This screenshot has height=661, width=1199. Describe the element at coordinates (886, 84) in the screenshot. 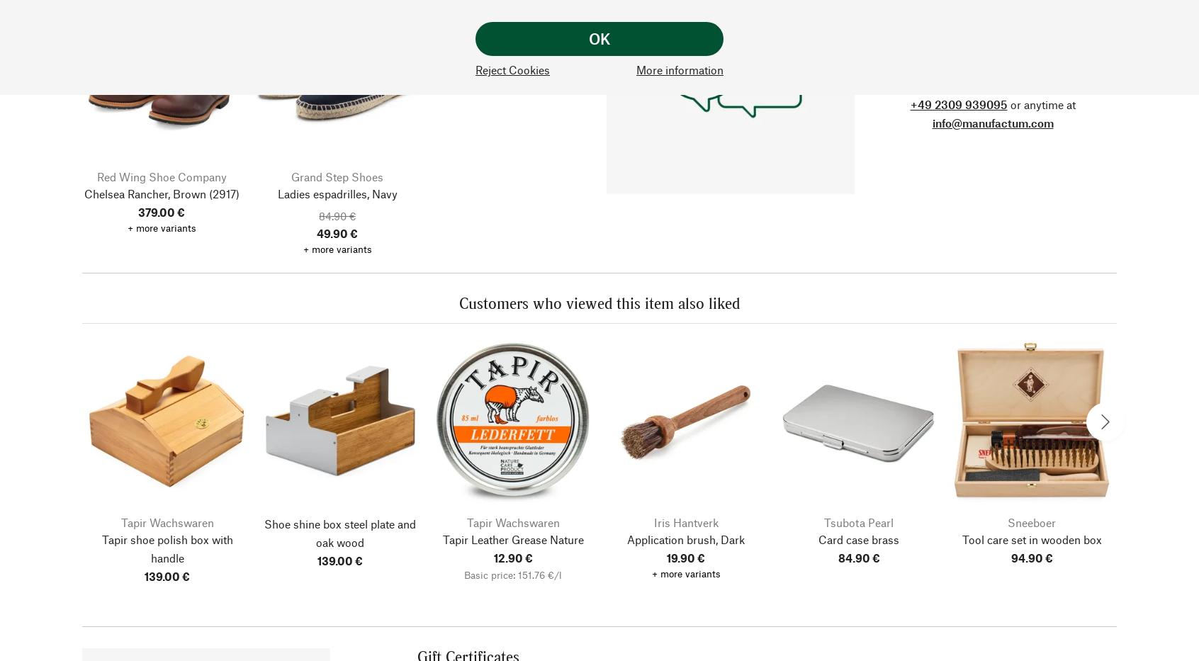

I see `'You can reach us from Monday to Friday at'` at that location.